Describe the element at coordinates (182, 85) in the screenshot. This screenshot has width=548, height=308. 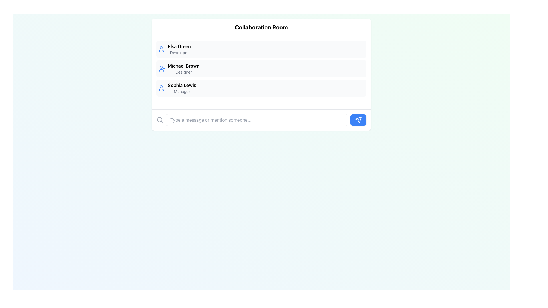
I see `the text label 'Sophia Lewis' which is styled in bold and located in the Collaboration Room list, positioned above 'Manager'` at that location.